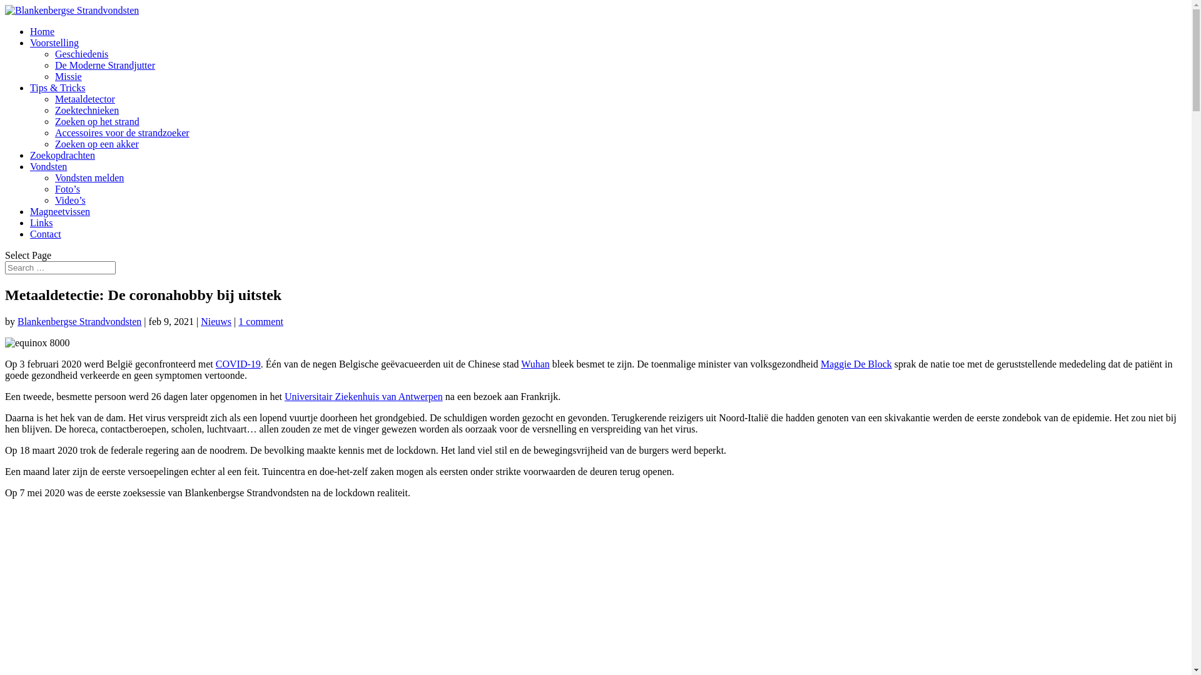 The image size is (1201, 675). What do you see at coordinates (41, 222) in the screenshot?
I see `'Links'` at bounding box center [41, 222].